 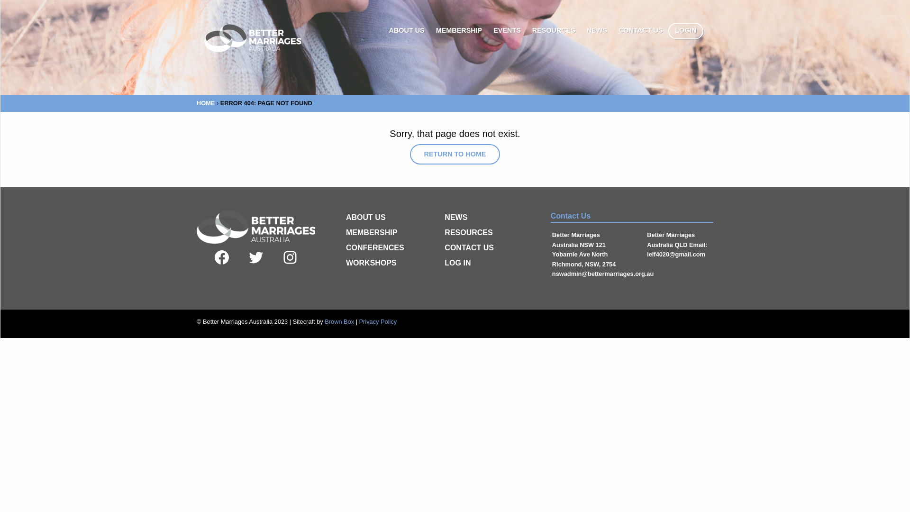 What do you see at coordinates (612, 30) in the screenshot?
I see `'CONTACT US'` at bounding box center [612, 30].